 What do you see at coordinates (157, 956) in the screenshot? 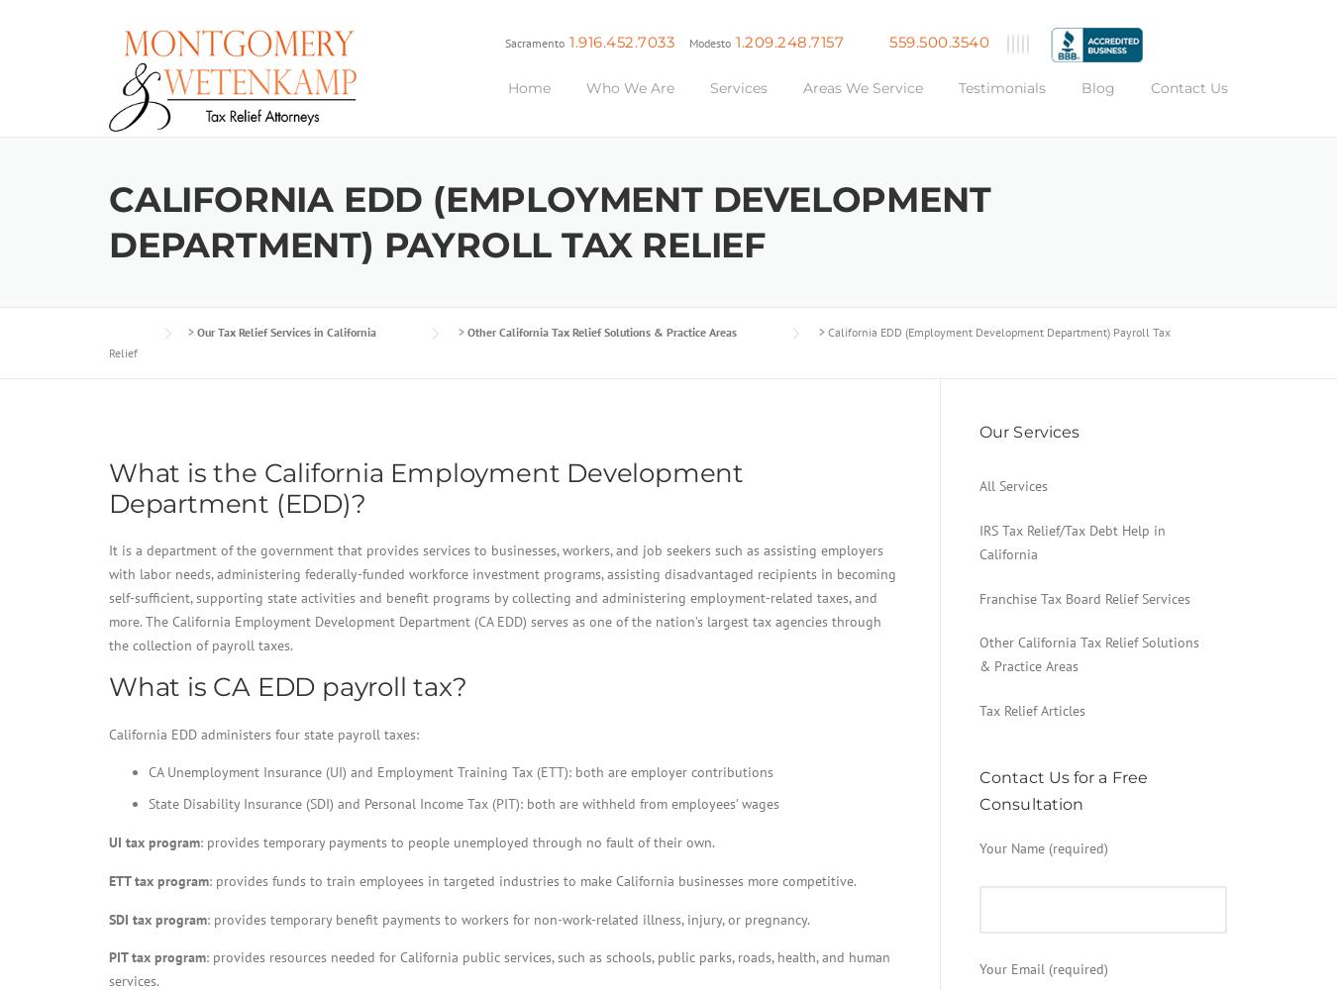
I see `'PIT tax program'` at bounding box center [157, 956].